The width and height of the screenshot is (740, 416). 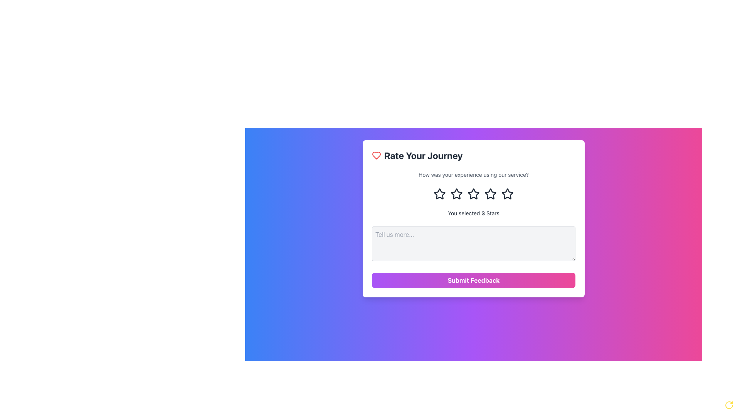 I want to click on the reset or refresh icon button located in the bottom-right corner of the interface, so click(x=728, y=405).